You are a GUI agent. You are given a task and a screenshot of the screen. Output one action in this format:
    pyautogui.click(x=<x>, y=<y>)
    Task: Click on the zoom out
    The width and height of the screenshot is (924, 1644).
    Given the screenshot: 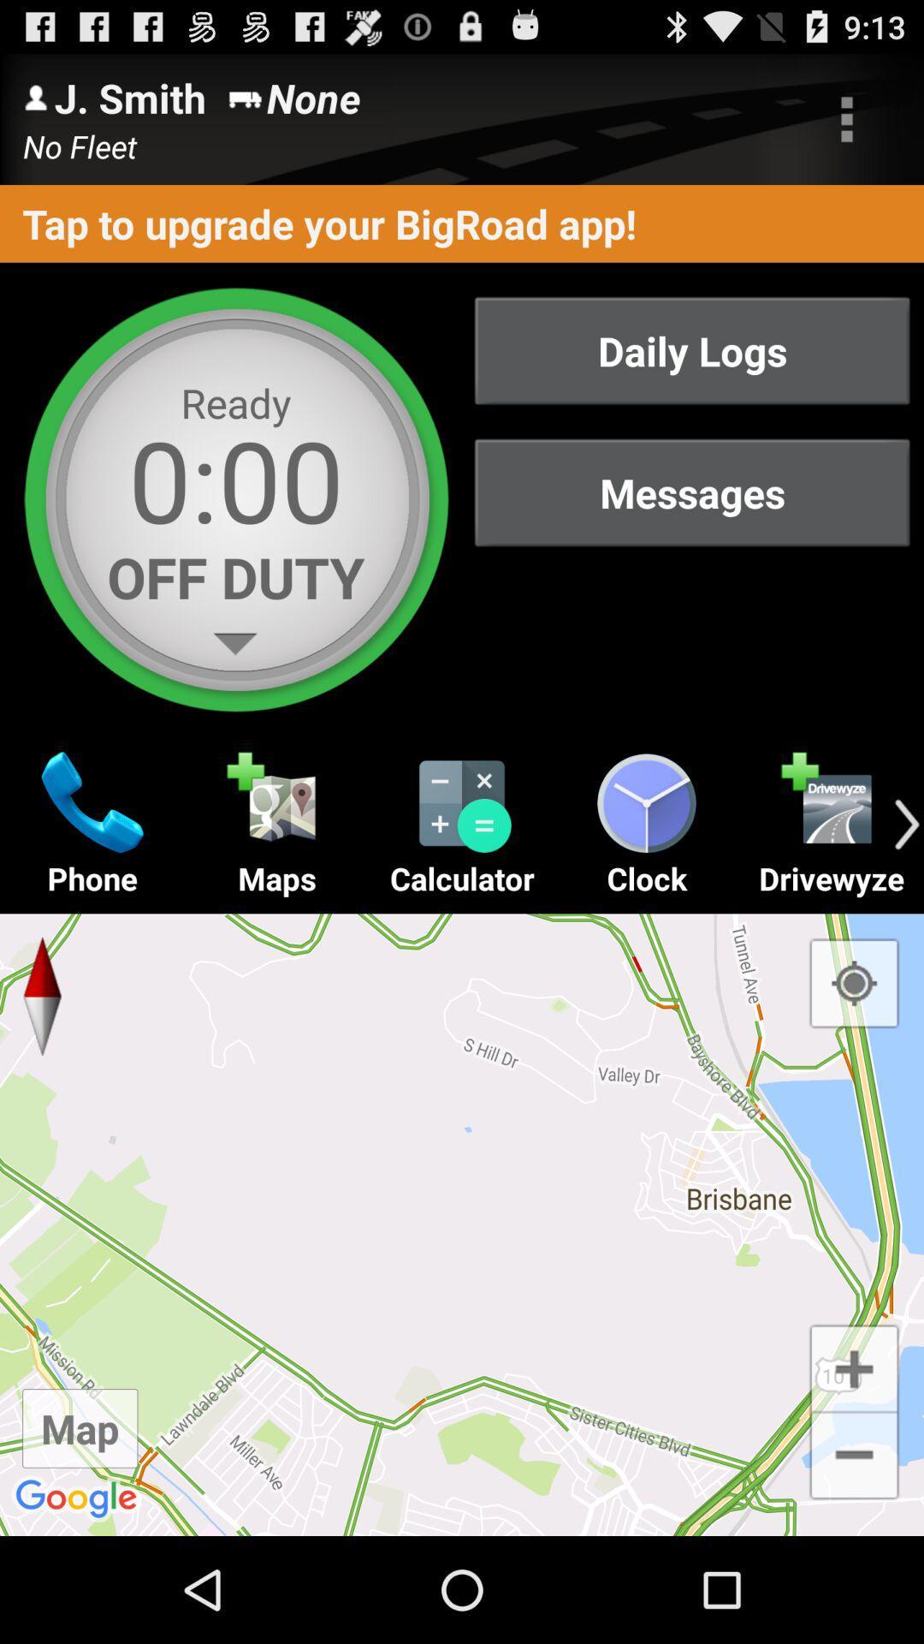 What is the action you would take?
    pyautogui.click(x=854, y=1456)
    